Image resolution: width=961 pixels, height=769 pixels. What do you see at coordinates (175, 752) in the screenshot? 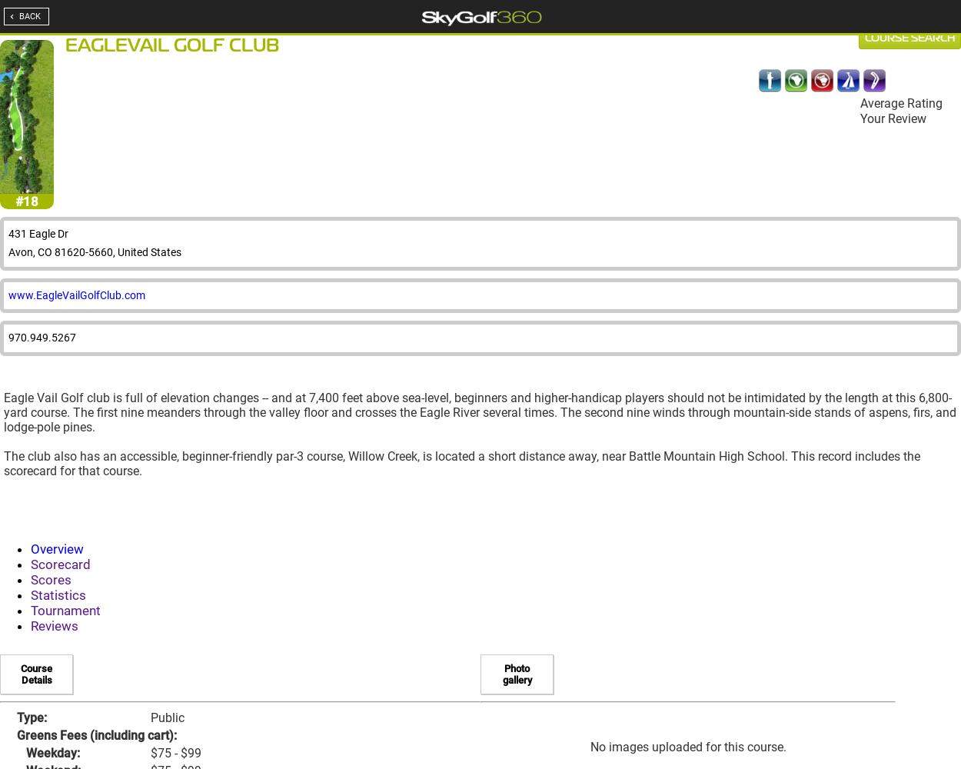
I see `'$75 - $99'` at bounding box center [175, 752].